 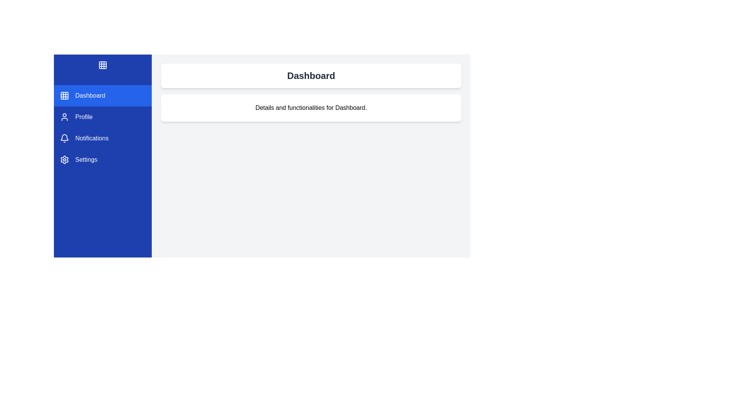 I want to click on the gear-shaped icon indicating settings, located in the sidebar to the right of the 'Settings' text, so click(x=64, y=159).